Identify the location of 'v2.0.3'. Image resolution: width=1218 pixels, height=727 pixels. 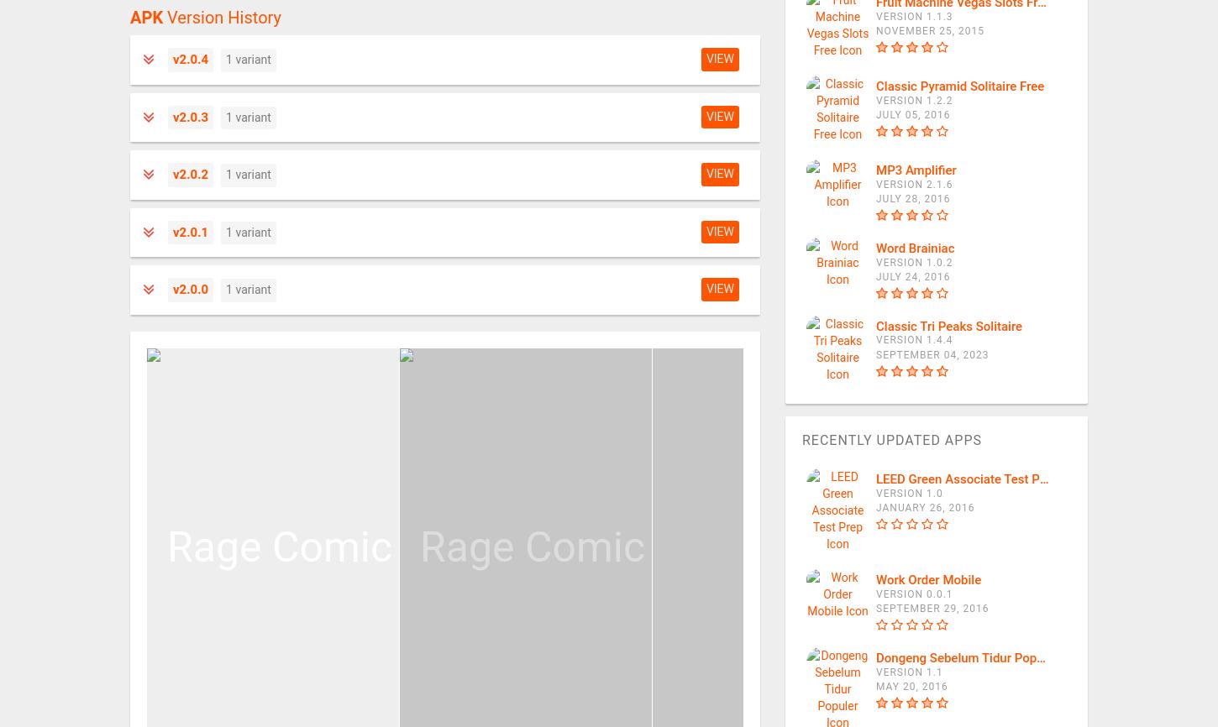
(190, 116).